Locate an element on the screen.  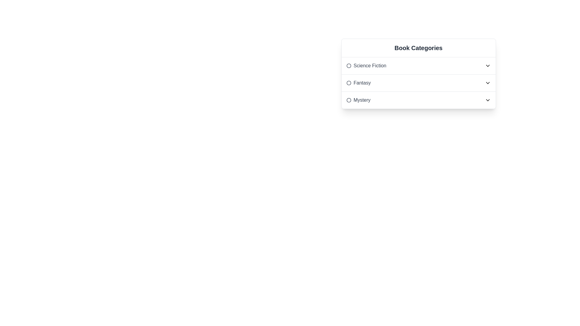
the radio button associated with the 'Fantasy' text label is located at coordinates (362, 83).